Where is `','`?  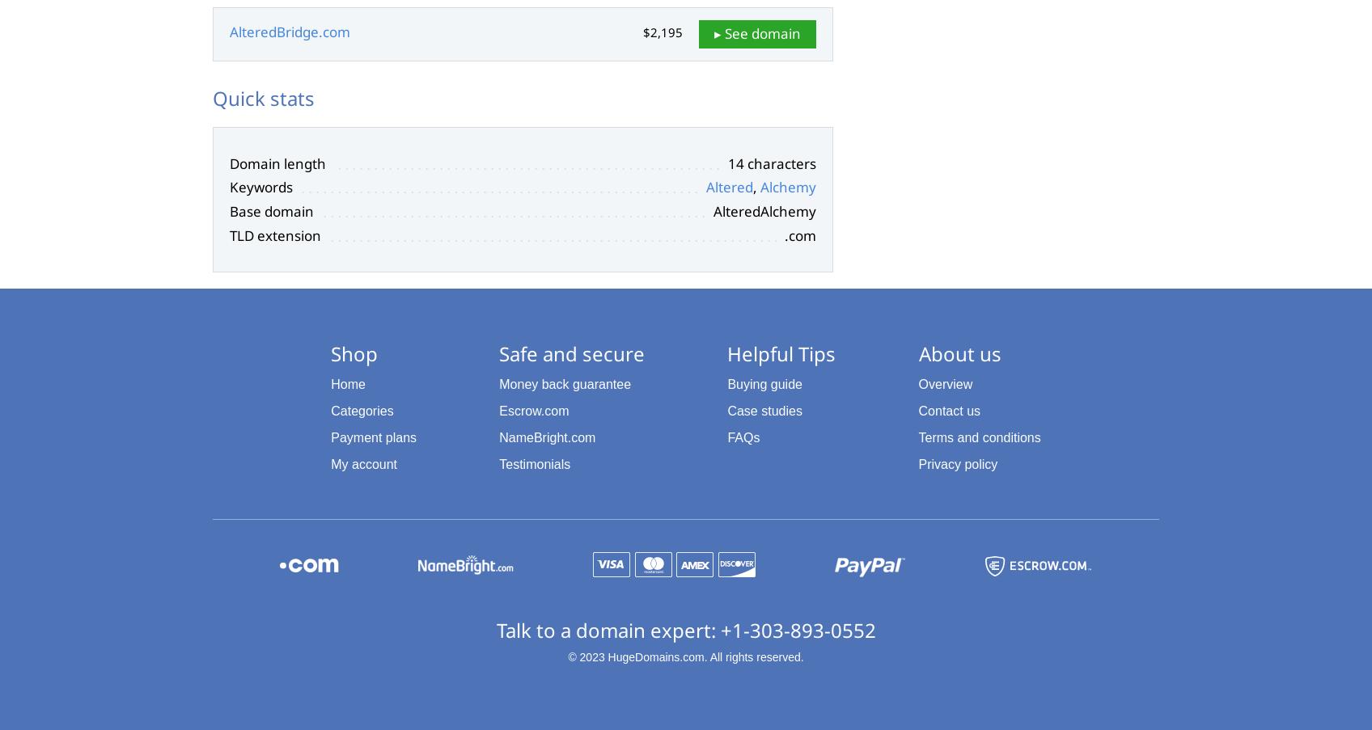
',' is located at coordinates (756, 187).